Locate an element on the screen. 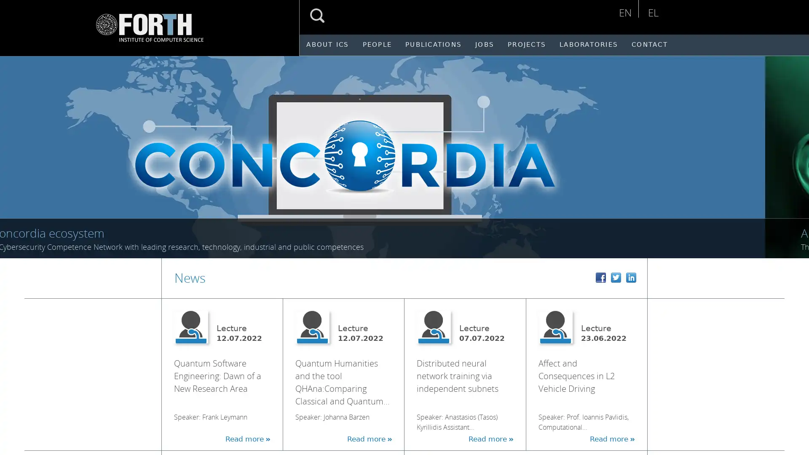 Image resolution: width=809 pixels, height=455 pixels. visit next project is located at coordinates (796, 152).